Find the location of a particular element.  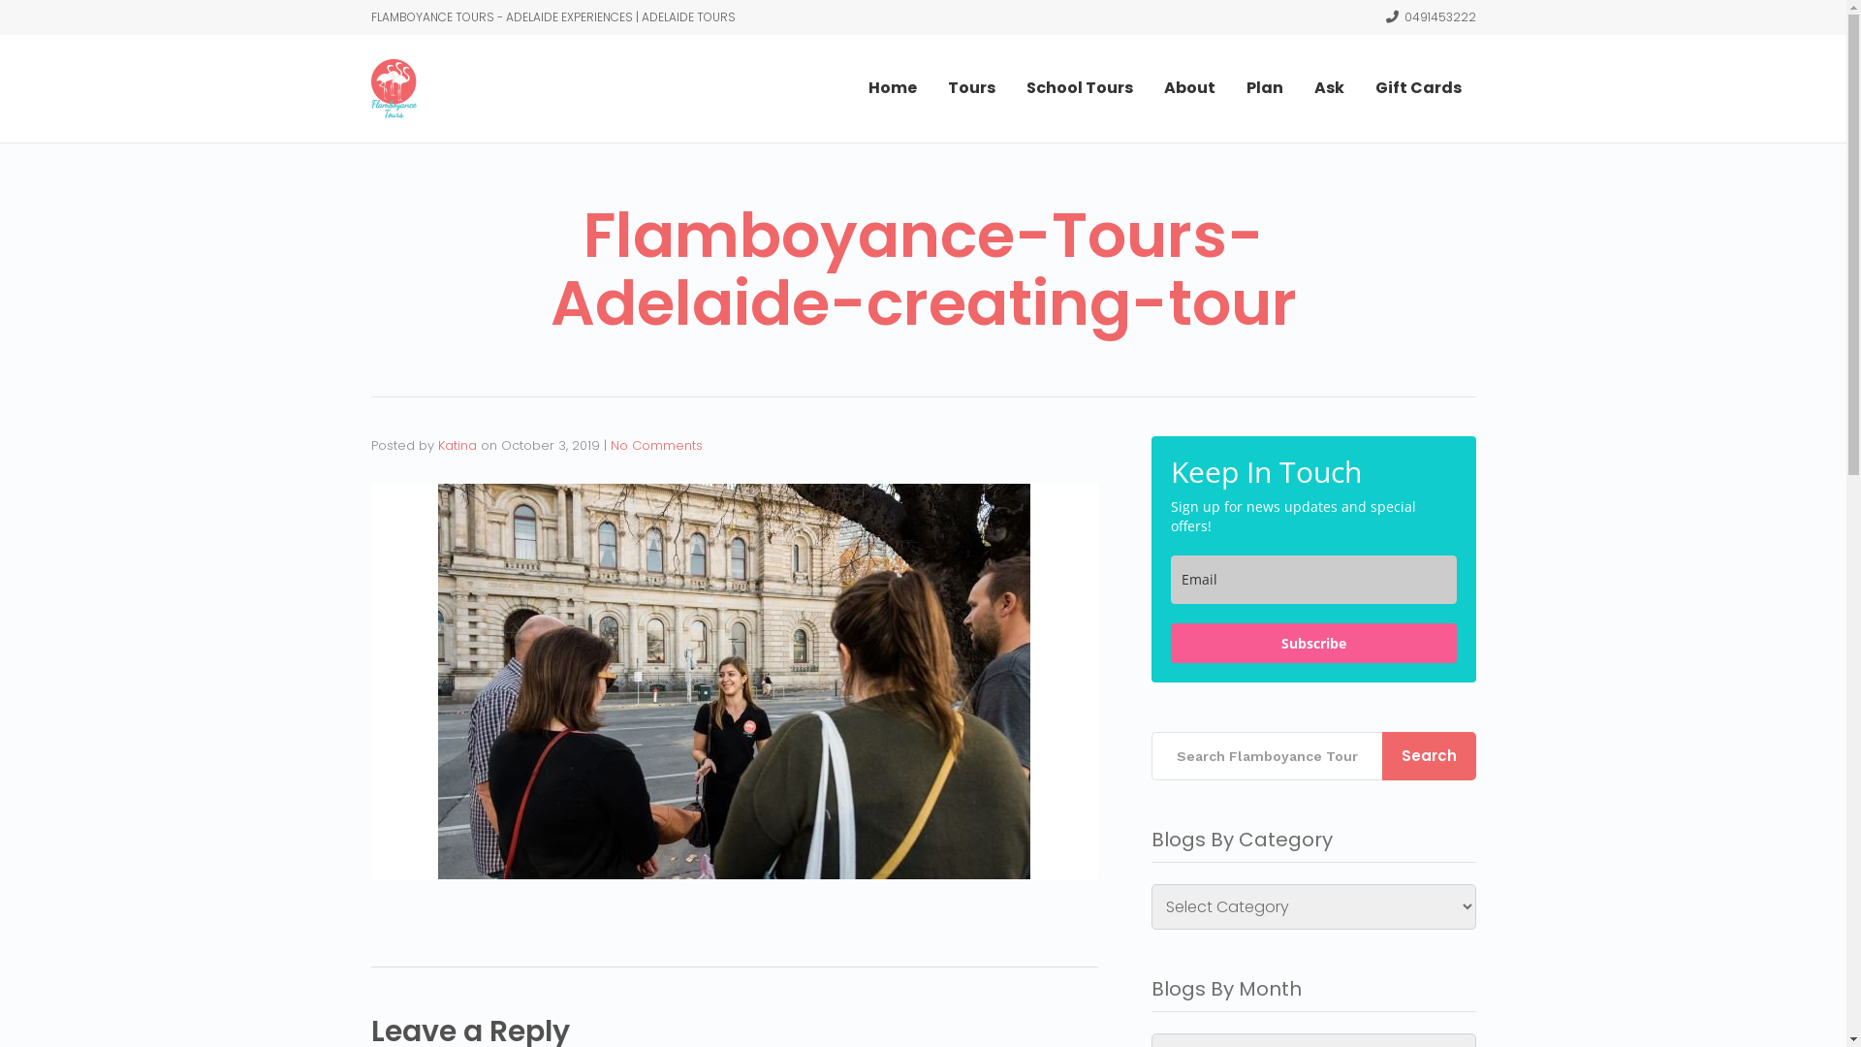

'Plan' is located at coordinates (1265, 88).